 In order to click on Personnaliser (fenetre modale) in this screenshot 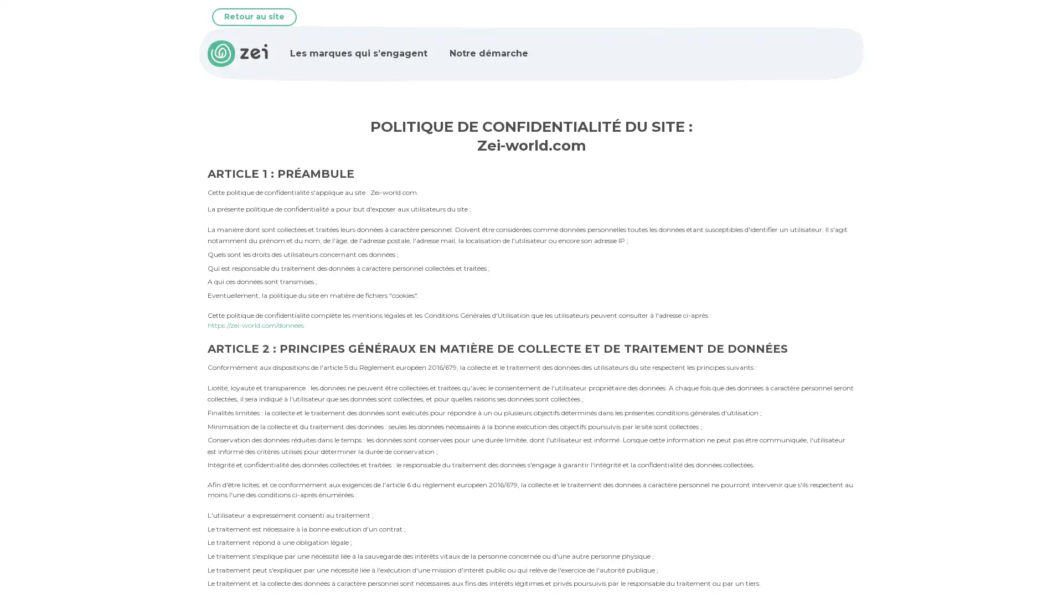, I will do `click(100, 553)`.